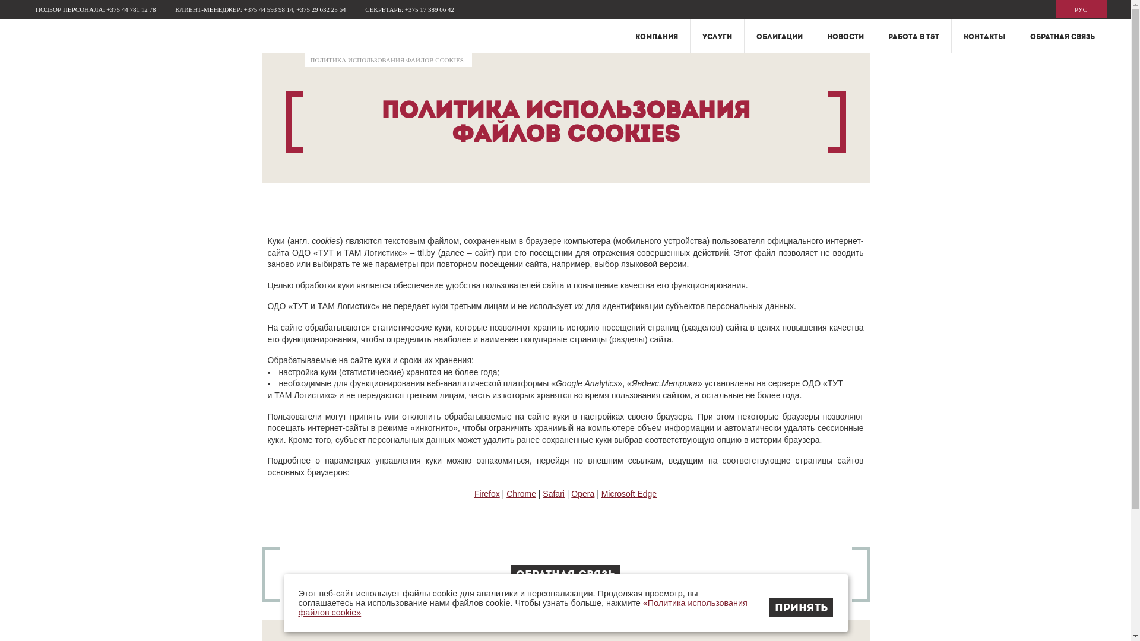 The height and width of the screenshot is (641, 1140). Describe the element at coordinates (268, 9) in the screenshot. I see `'+375 44 593 98 14'` at that location.